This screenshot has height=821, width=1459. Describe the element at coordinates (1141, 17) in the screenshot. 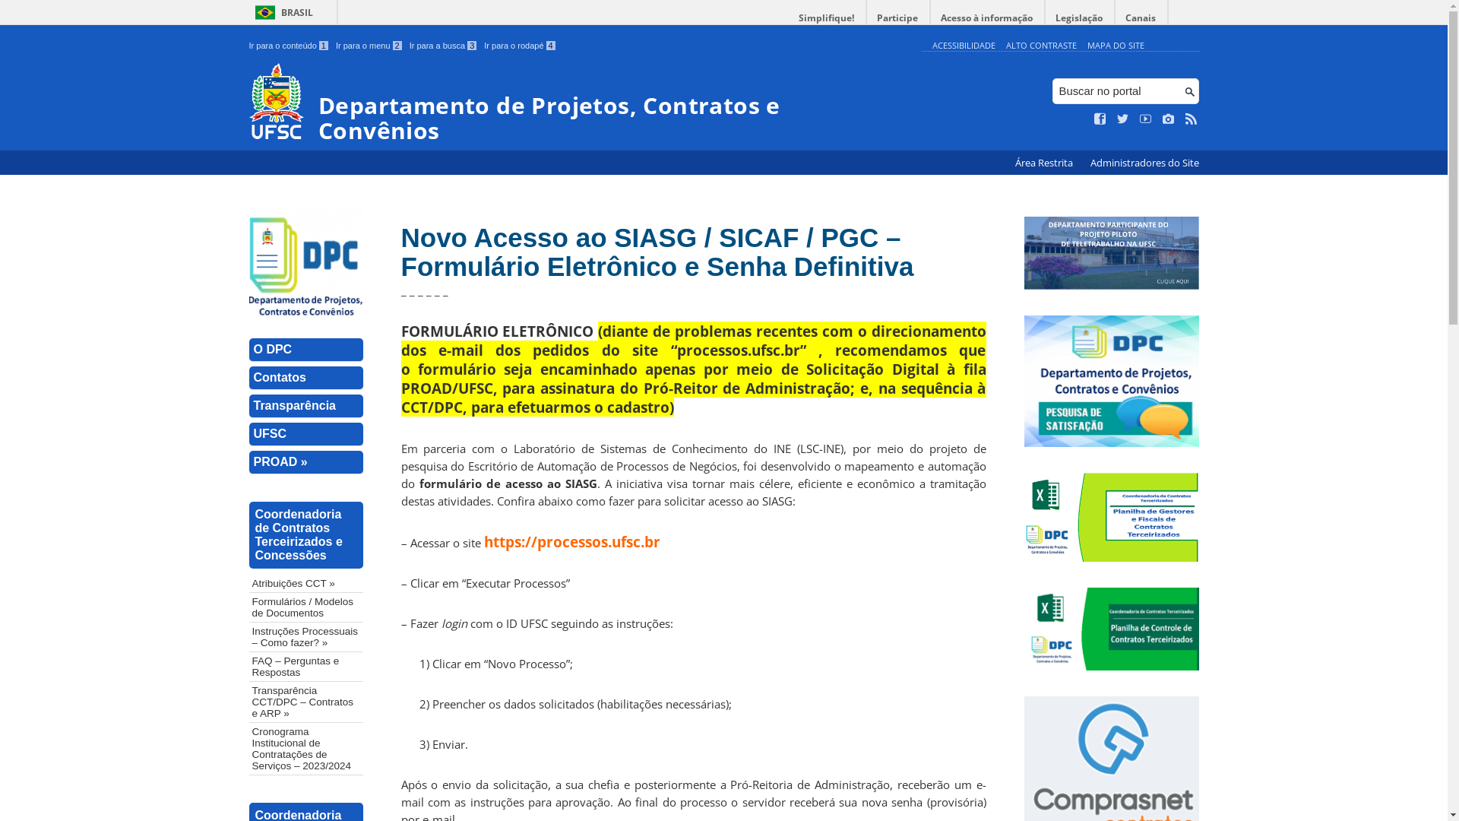

I see `'Canais'` at that location.